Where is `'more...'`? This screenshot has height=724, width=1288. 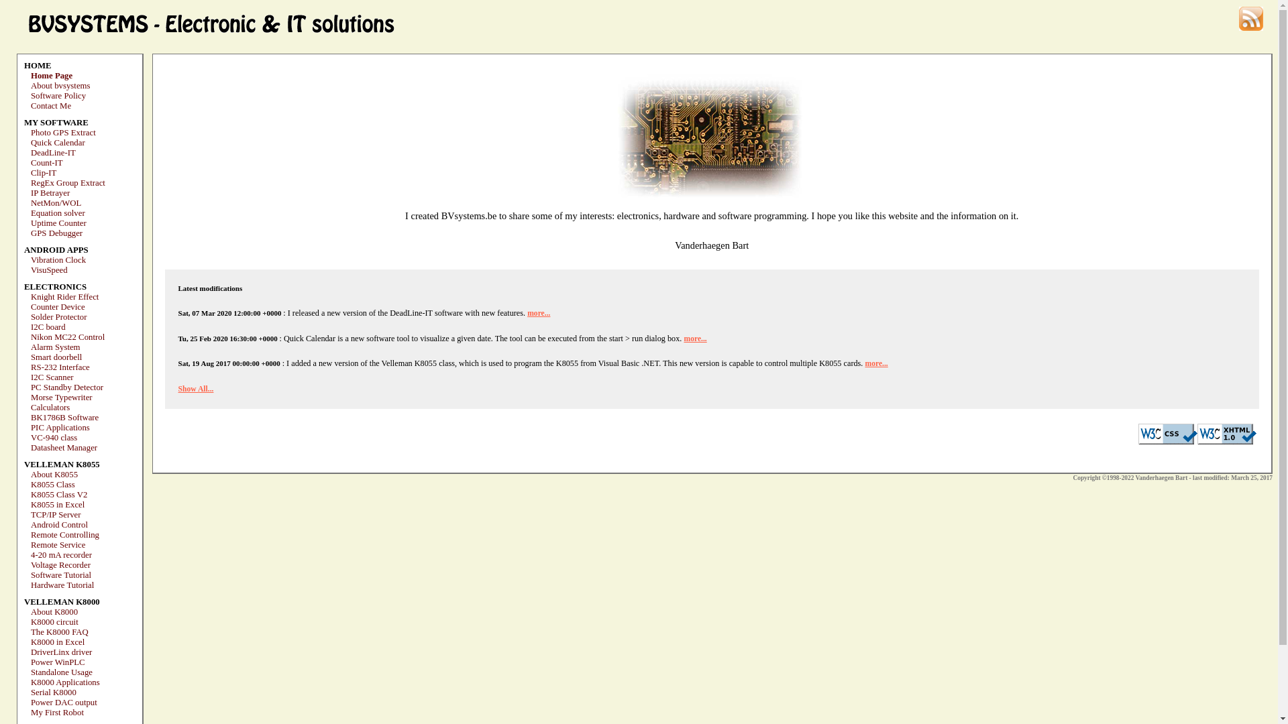
'more...' is located at coordinates (538, 313).